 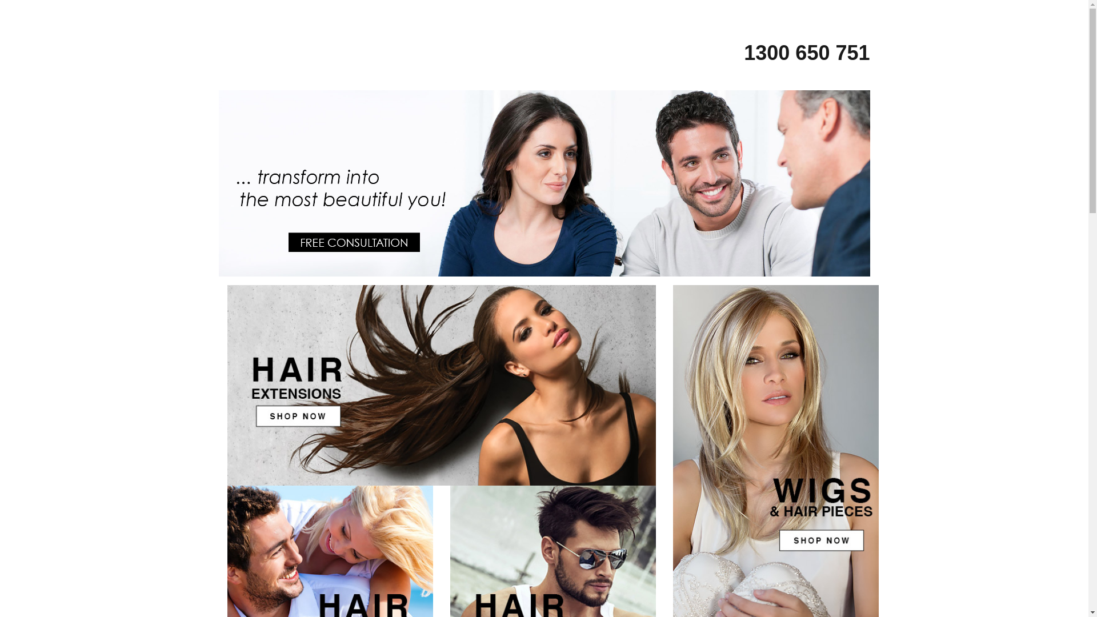 What do you see at coordinates (795, 52) in the screenshot?
I see `'1300 650 751'` at bounding box center [795, 52].